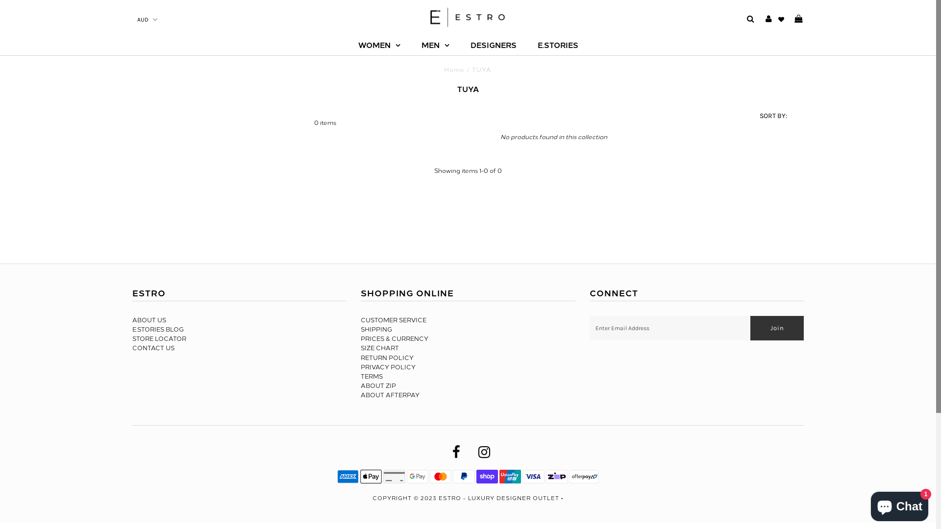  Describe the element at coordinates (393, 320) in the screenshot. I see `'CUSTOMER SERVICE'` at that location.